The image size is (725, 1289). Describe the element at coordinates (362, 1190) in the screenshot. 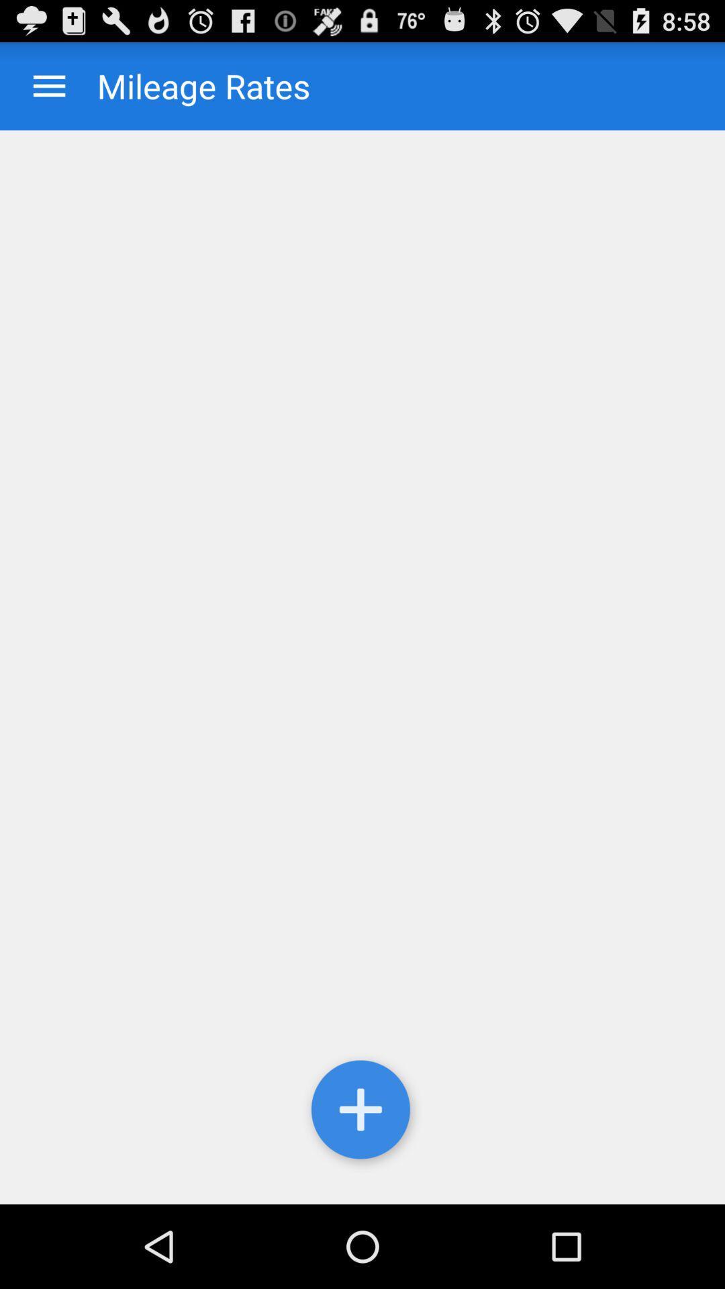

I see `the add icon` at that location.